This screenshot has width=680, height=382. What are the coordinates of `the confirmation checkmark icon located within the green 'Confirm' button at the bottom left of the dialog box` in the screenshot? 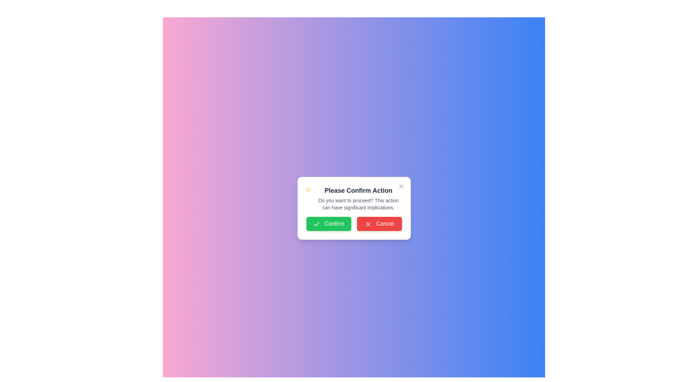 It's located at (316, 224).